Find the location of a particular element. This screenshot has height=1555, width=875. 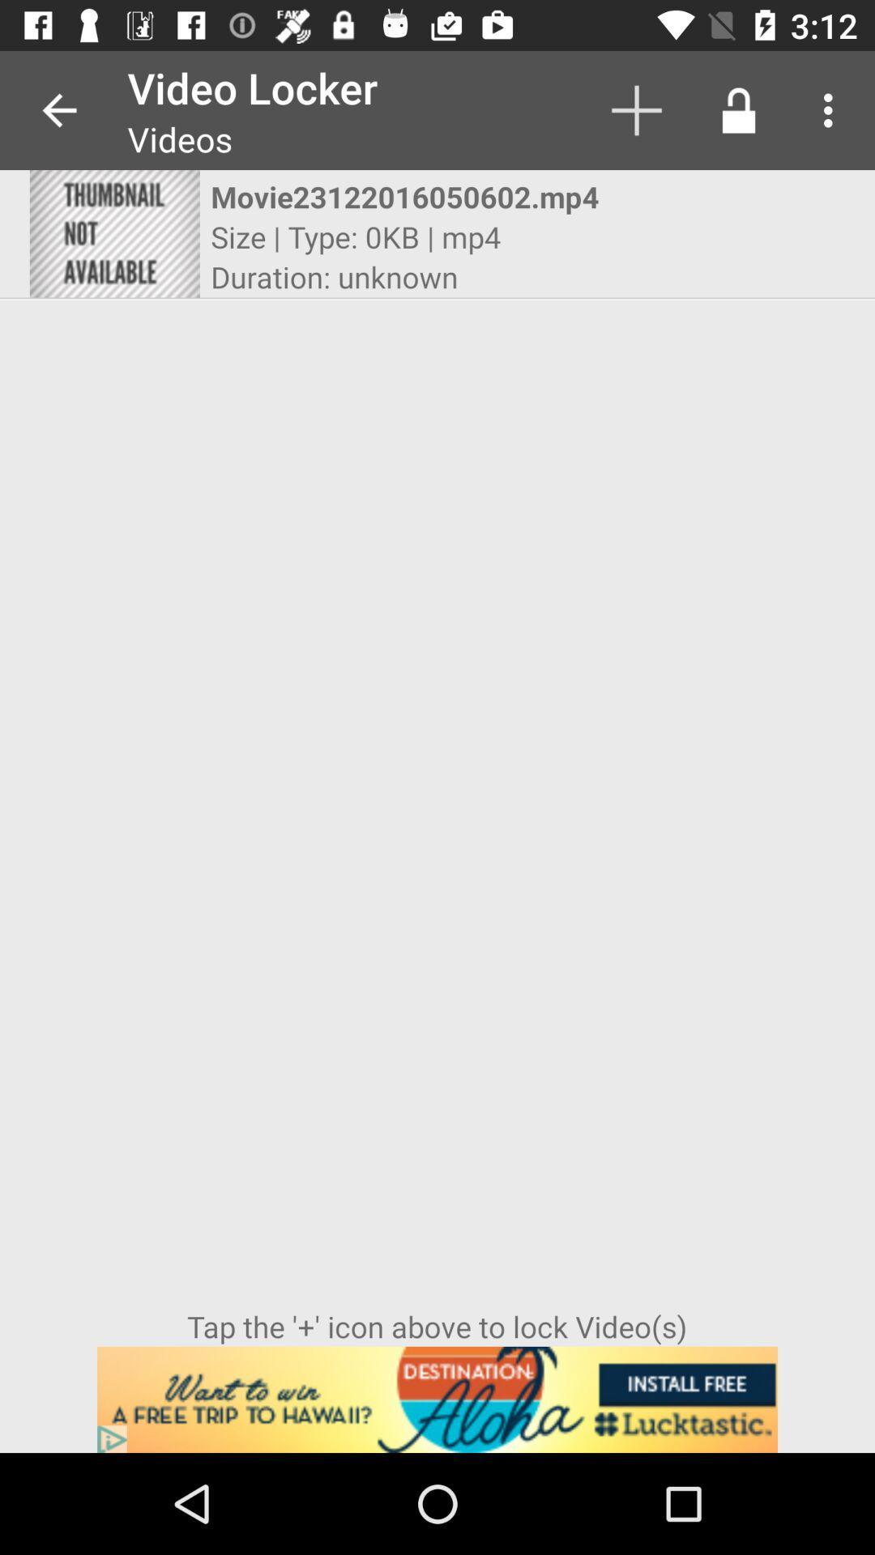

item above tap the icon item is located at coordinates (738, 109).